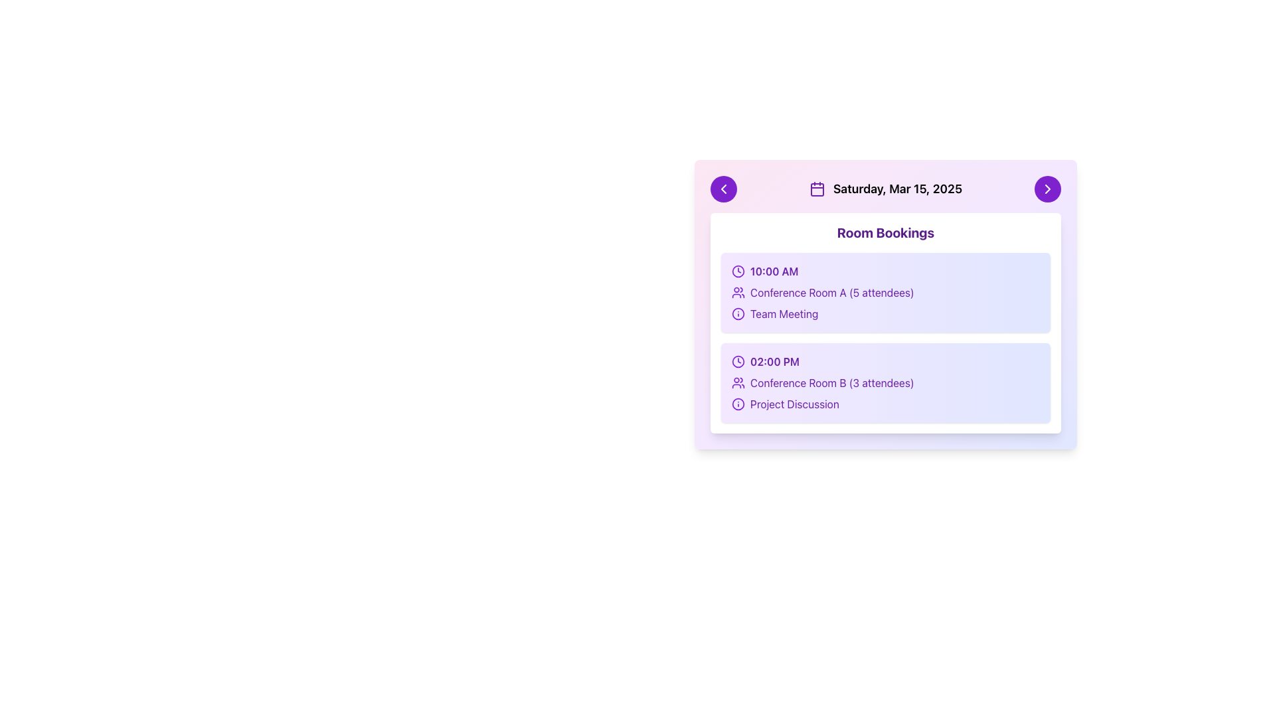  I want to click on the SVG Icon that provides additional cues about the 'Project Discussion' entry, located to the left of the text in the second item of the room bookings list, so click(738, 404).